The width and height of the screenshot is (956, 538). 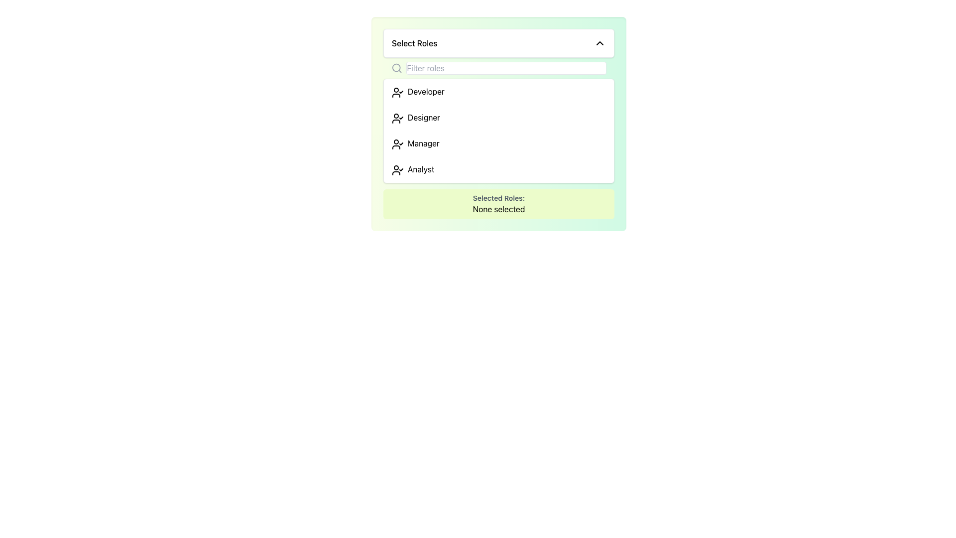 I want to click on the dropdown list item labeled 'Manager' with a user-check icon, so click(x=415, y=144).